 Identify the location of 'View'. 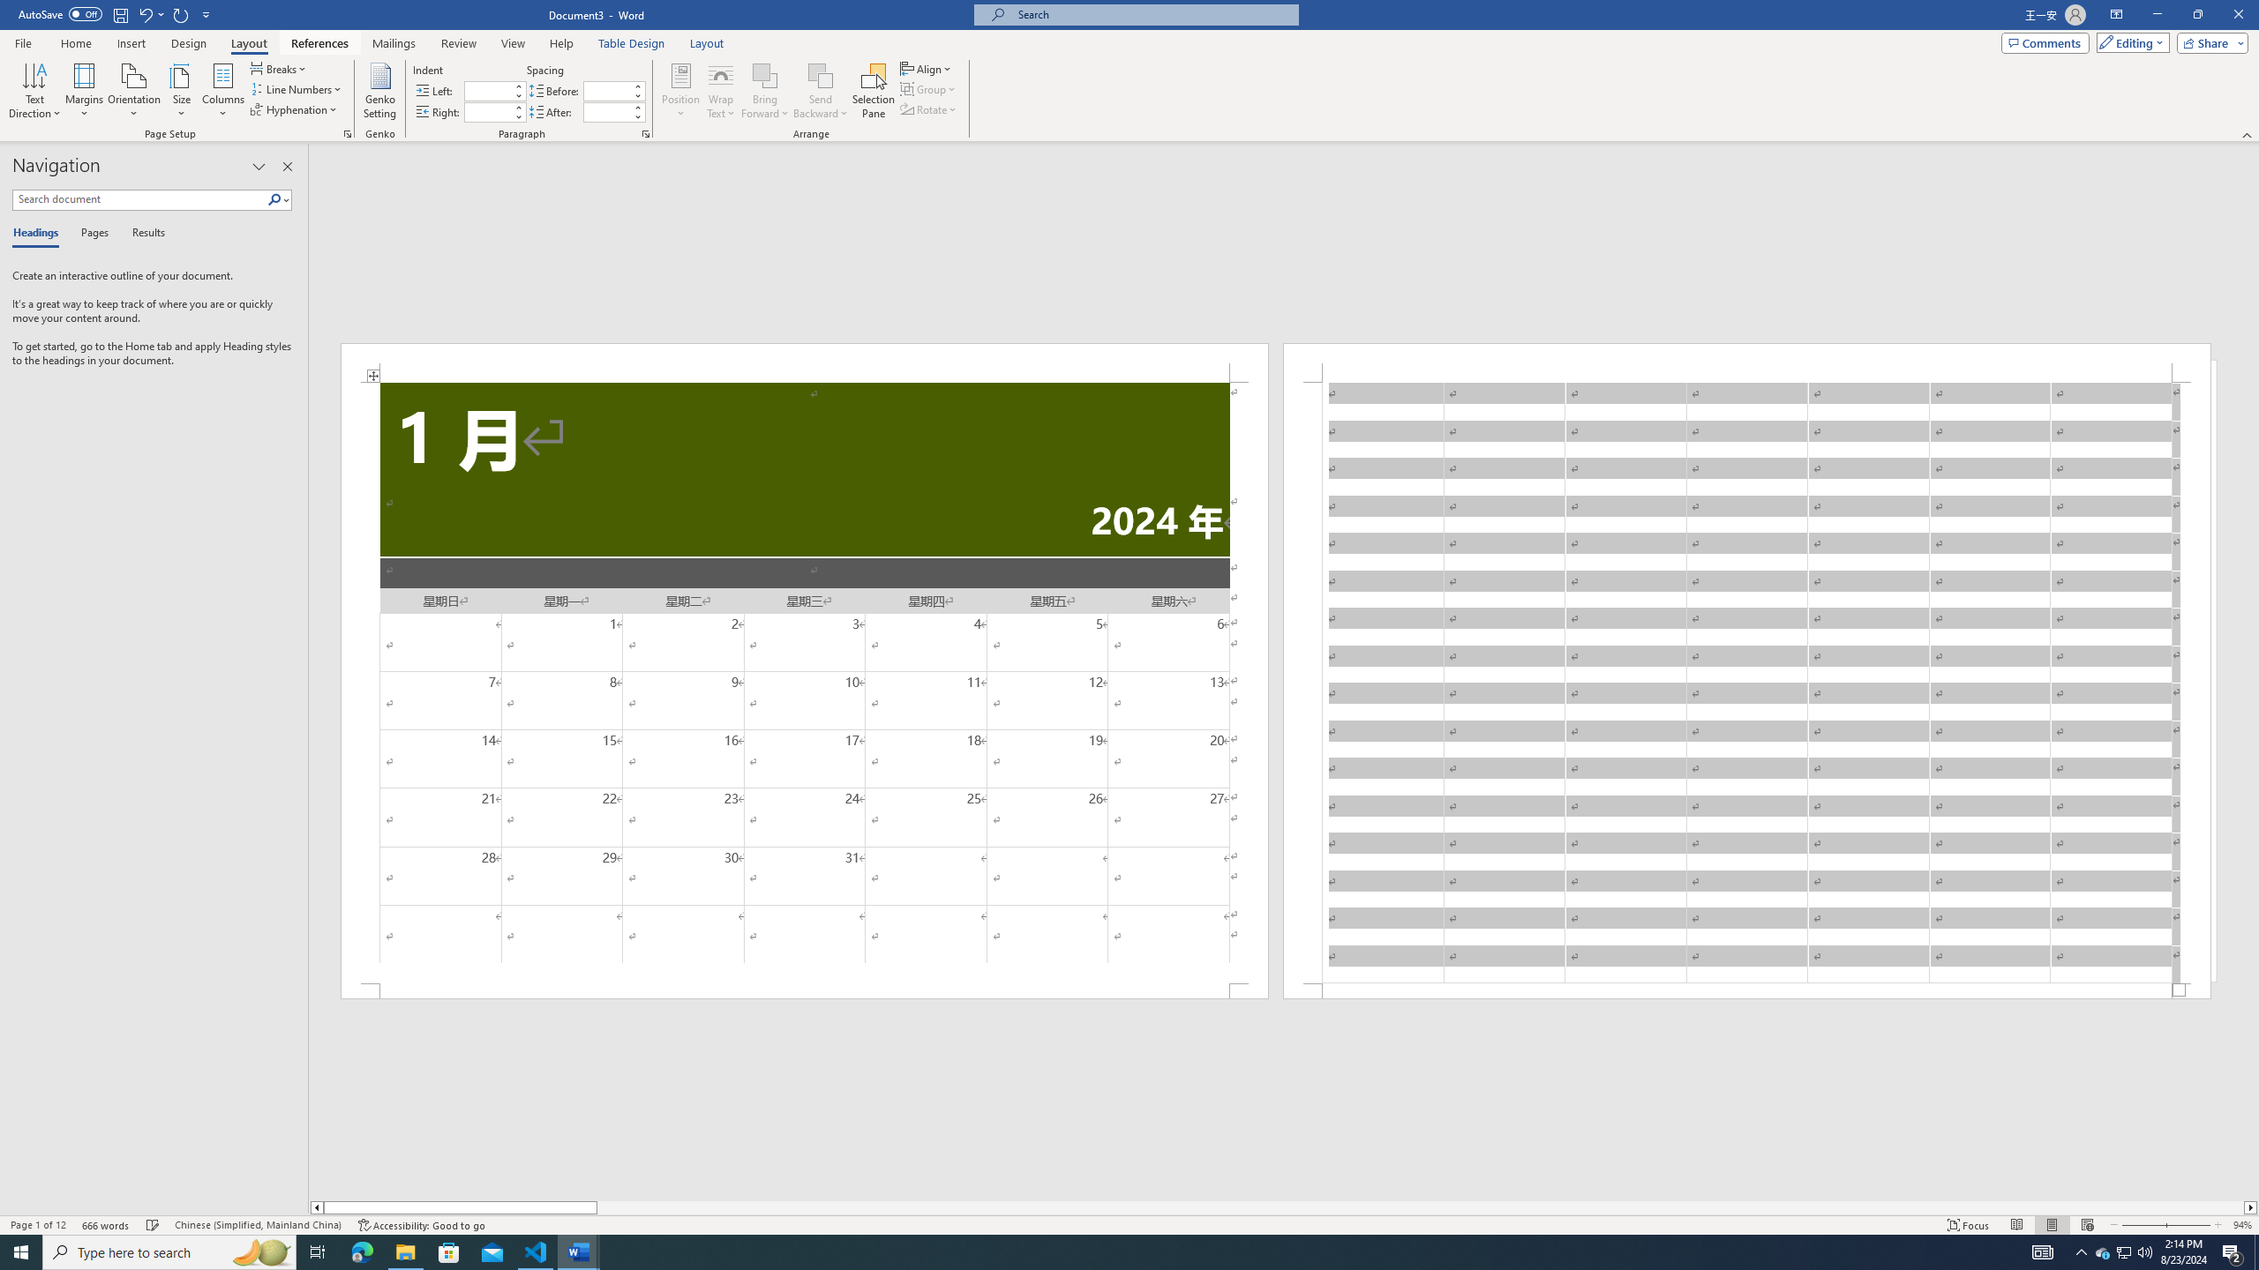
(514, 43).